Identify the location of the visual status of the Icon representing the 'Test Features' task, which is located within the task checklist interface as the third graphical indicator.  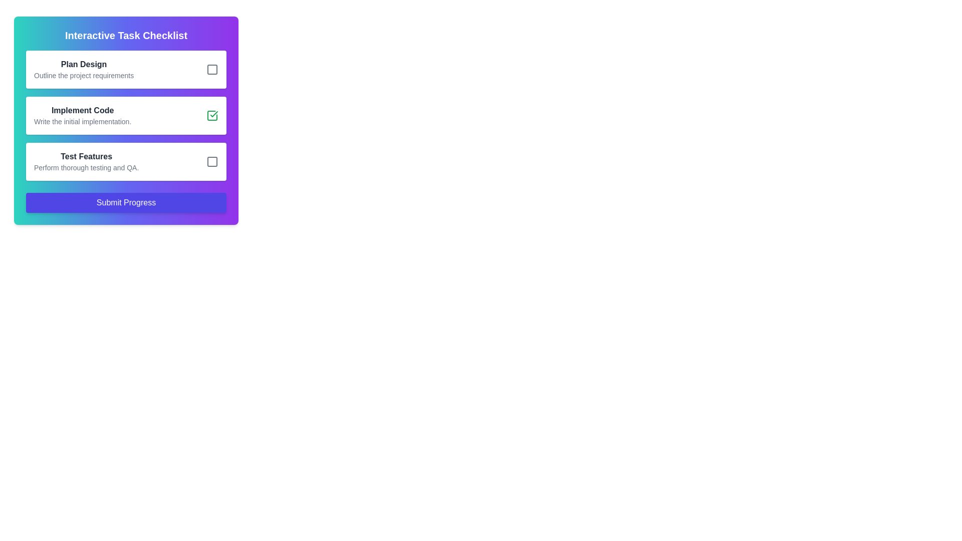
(211, 161).